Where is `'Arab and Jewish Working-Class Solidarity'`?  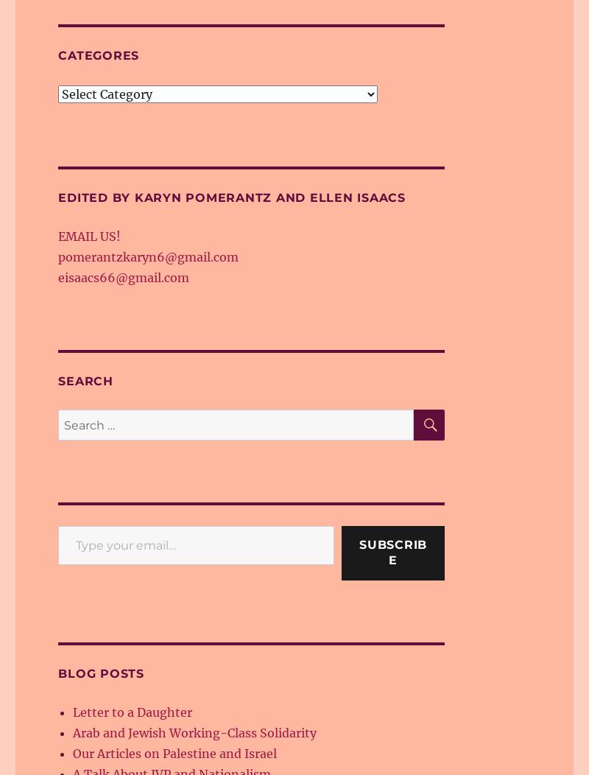
'Arab and Jewish Working-Class Solidarity' is located at coordinates (194, 732).